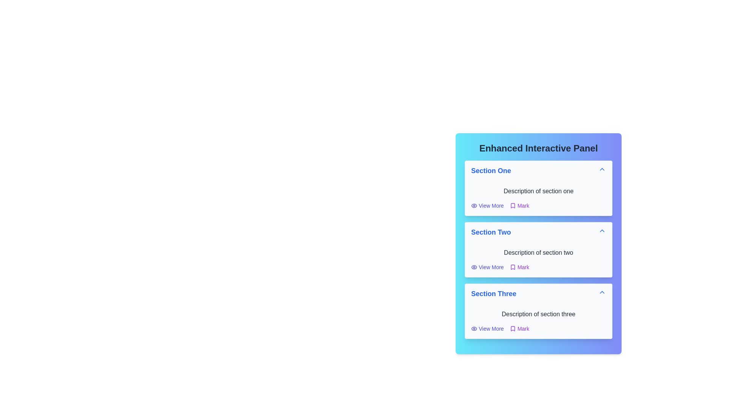 This screenshot has width=729, height=410. Describe the element at coordinates (491, 171) in the screenshot. I see `the text label that serves as the title for the first section of the panel, providing context or navigation aid to the user` at that location.